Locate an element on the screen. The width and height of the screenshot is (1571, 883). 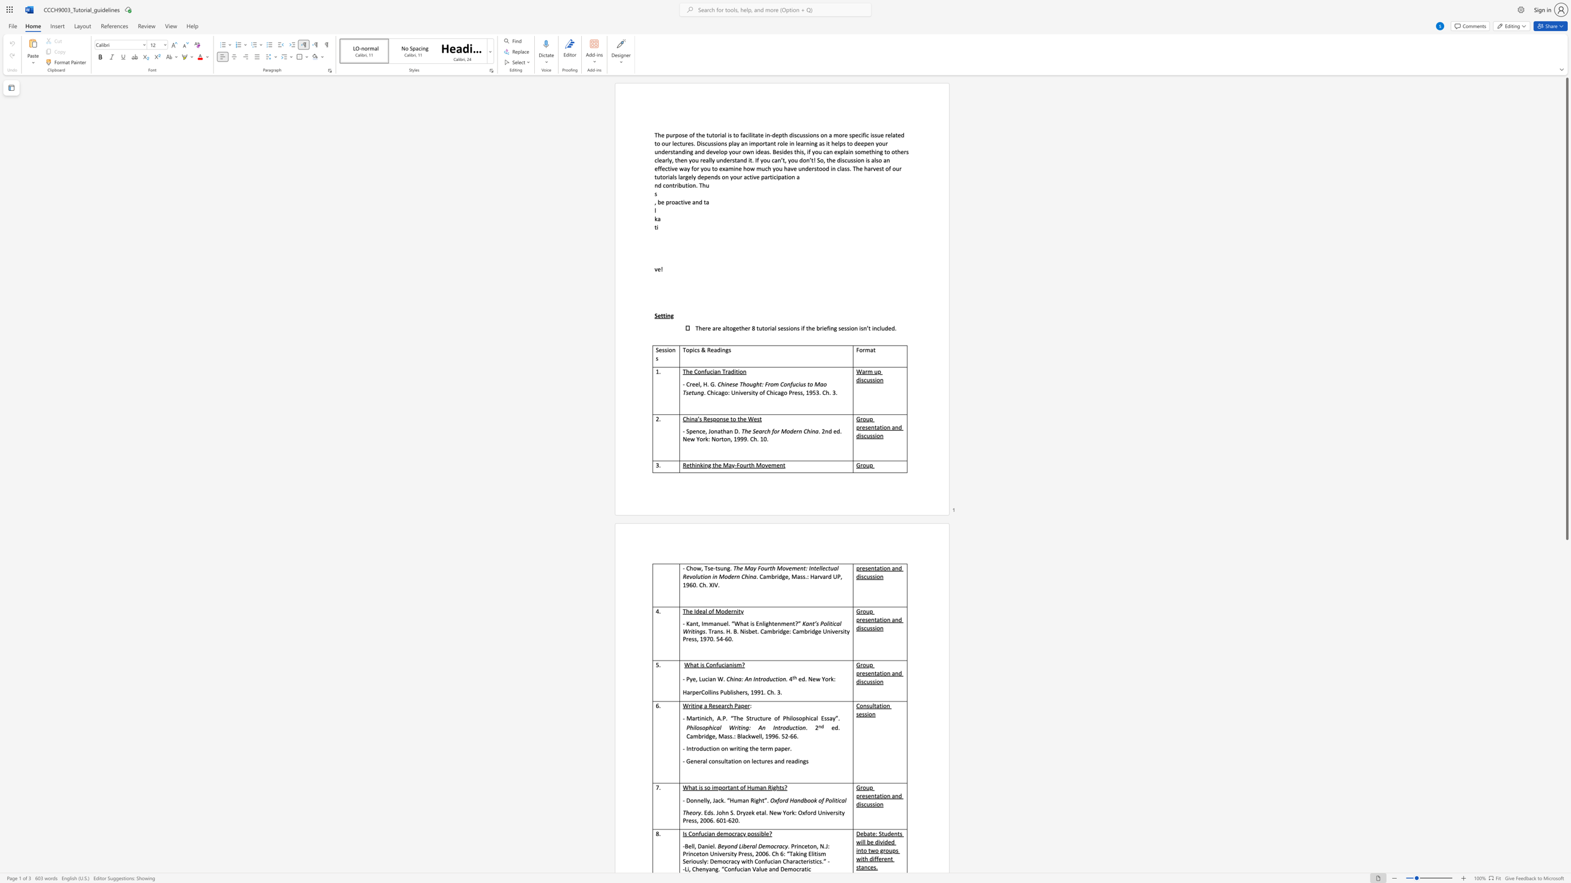
the page's right scrollbar for downward movement is located at coordinates (1566, 784).